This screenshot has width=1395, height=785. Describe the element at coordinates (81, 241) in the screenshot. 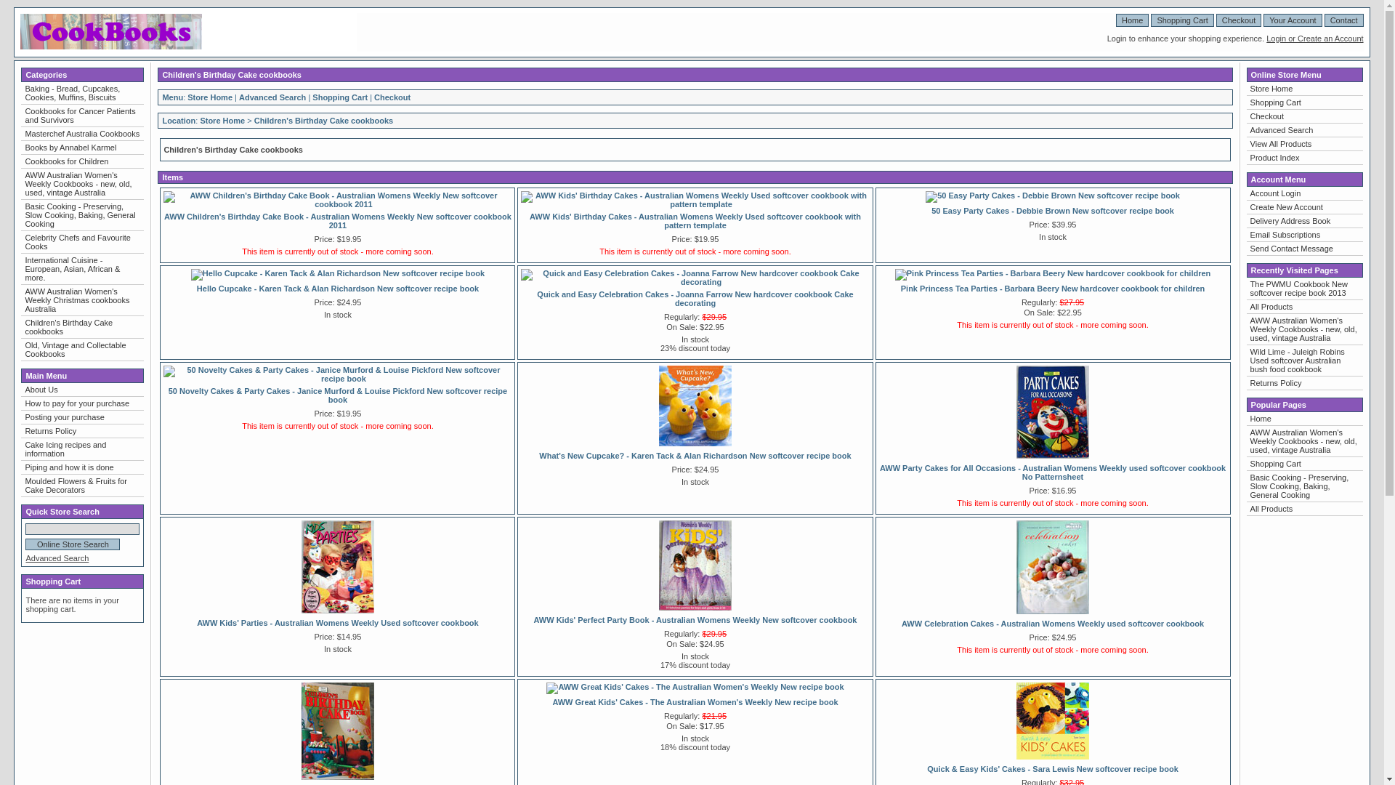

I see `'Celebrity Chefs and Favourite Cooks'` at that location.